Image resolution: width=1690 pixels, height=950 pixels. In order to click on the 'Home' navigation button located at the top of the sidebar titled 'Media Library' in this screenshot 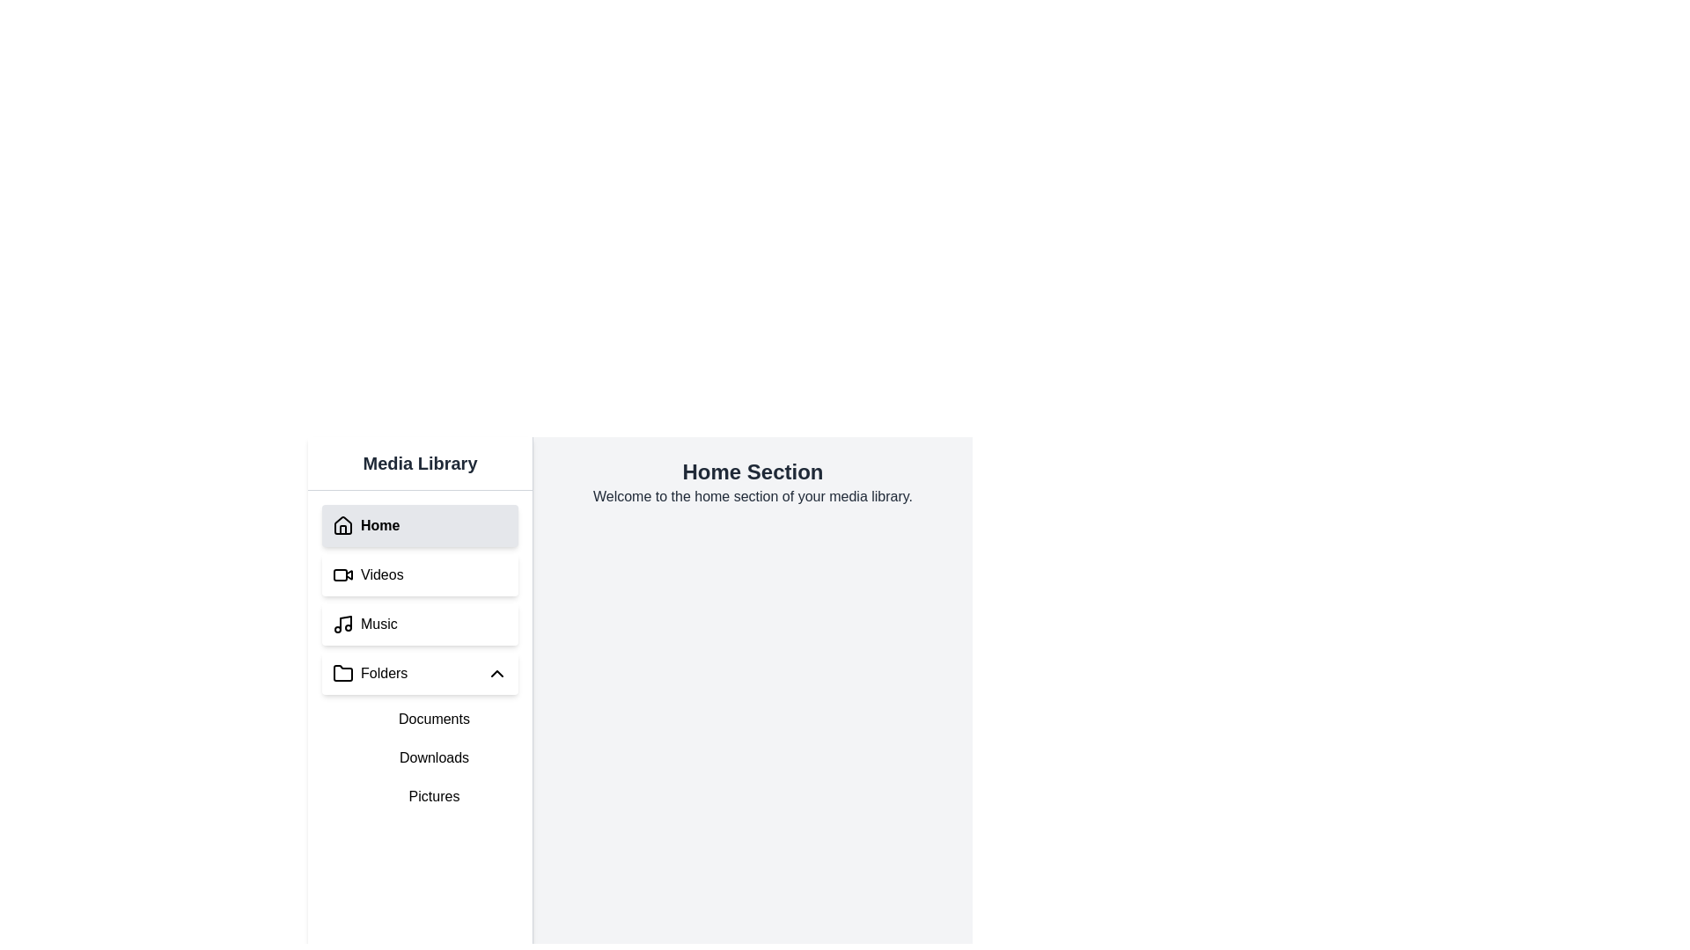, I will do `click(419, 524)`.